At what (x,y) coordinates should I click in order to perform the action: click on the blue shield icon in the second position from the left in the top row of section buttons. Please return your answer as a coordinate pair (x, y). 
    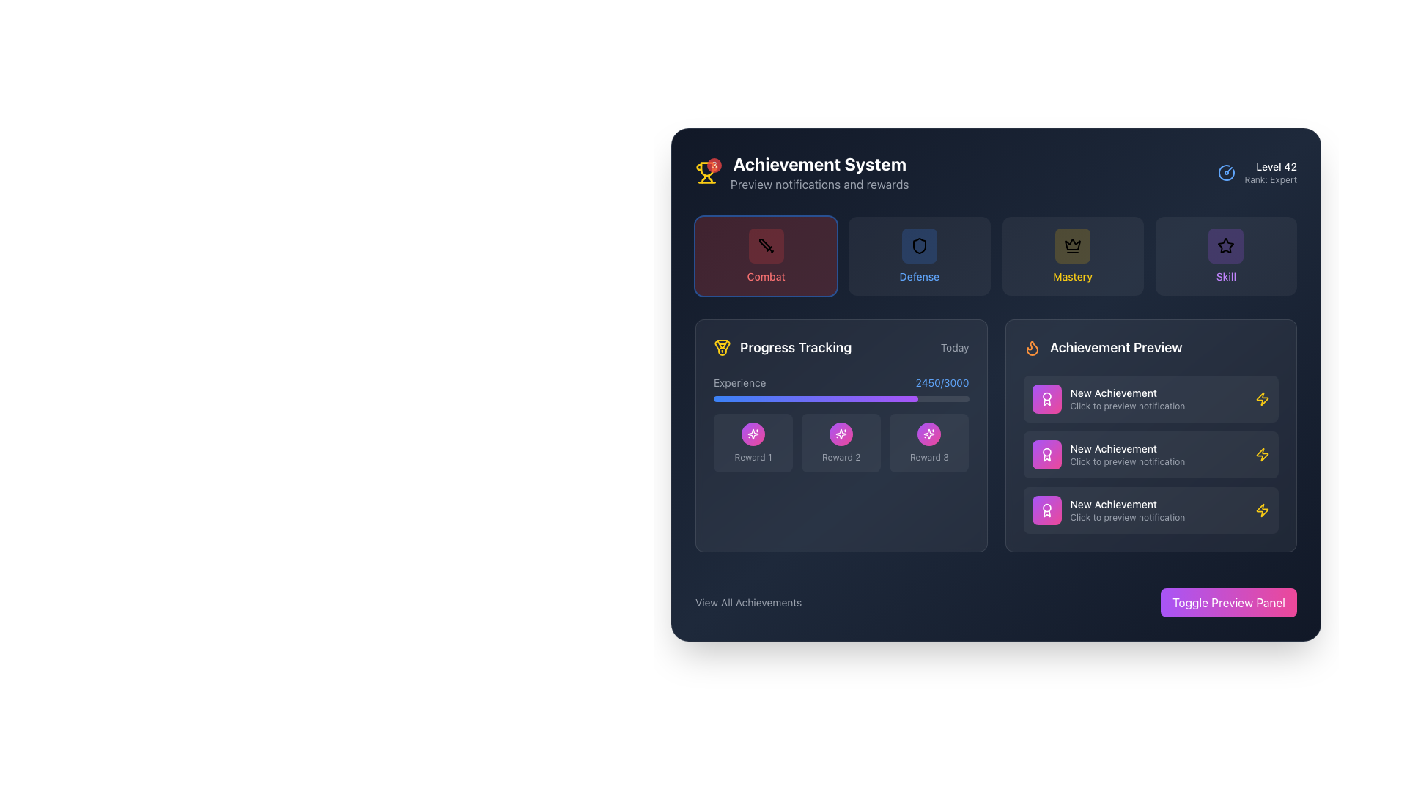
    Looking at the image, I should click on (918, 245).